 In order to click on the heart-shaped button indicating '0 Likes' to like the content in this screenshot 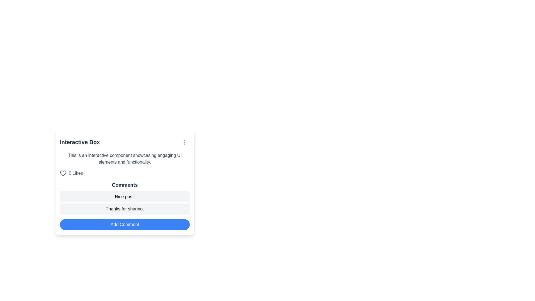, I will do `click(71, 173)`.